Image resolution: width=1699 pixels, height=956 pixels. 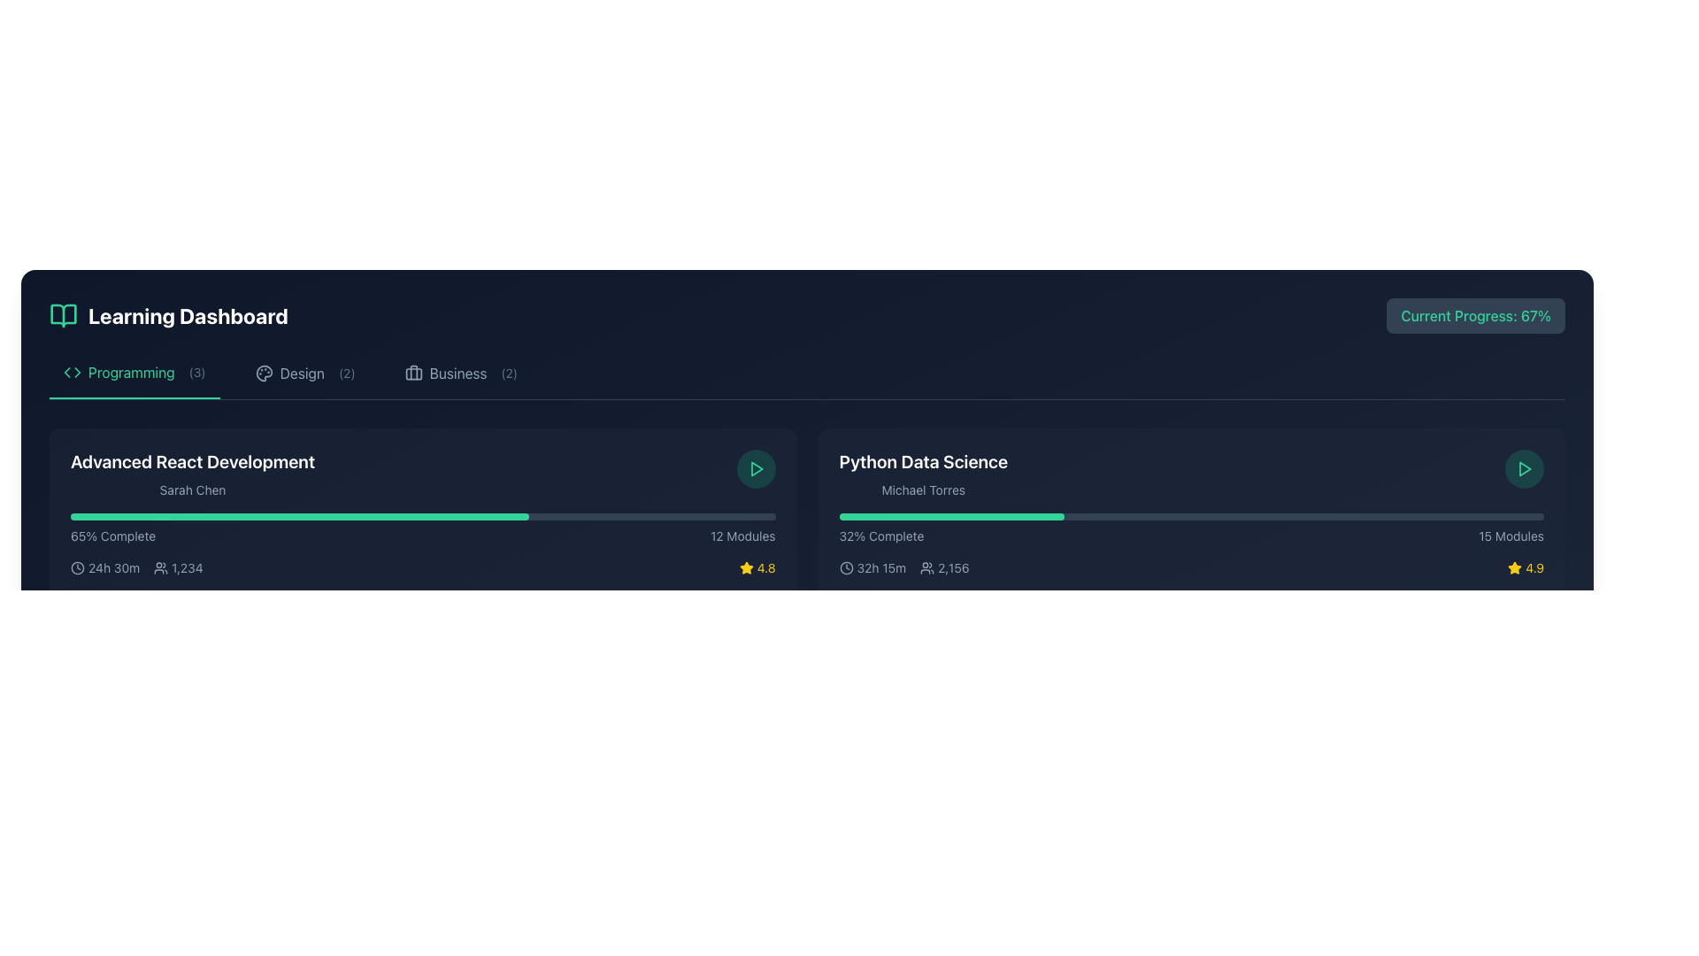 What do you see at coordinates (161, 567) in the screenshot?
I see `the user icon, which resembles two stylized people, located to the left of the numerical value 1,234 in the 'Advanced React Development' course section` at bounding box center [161, 567].